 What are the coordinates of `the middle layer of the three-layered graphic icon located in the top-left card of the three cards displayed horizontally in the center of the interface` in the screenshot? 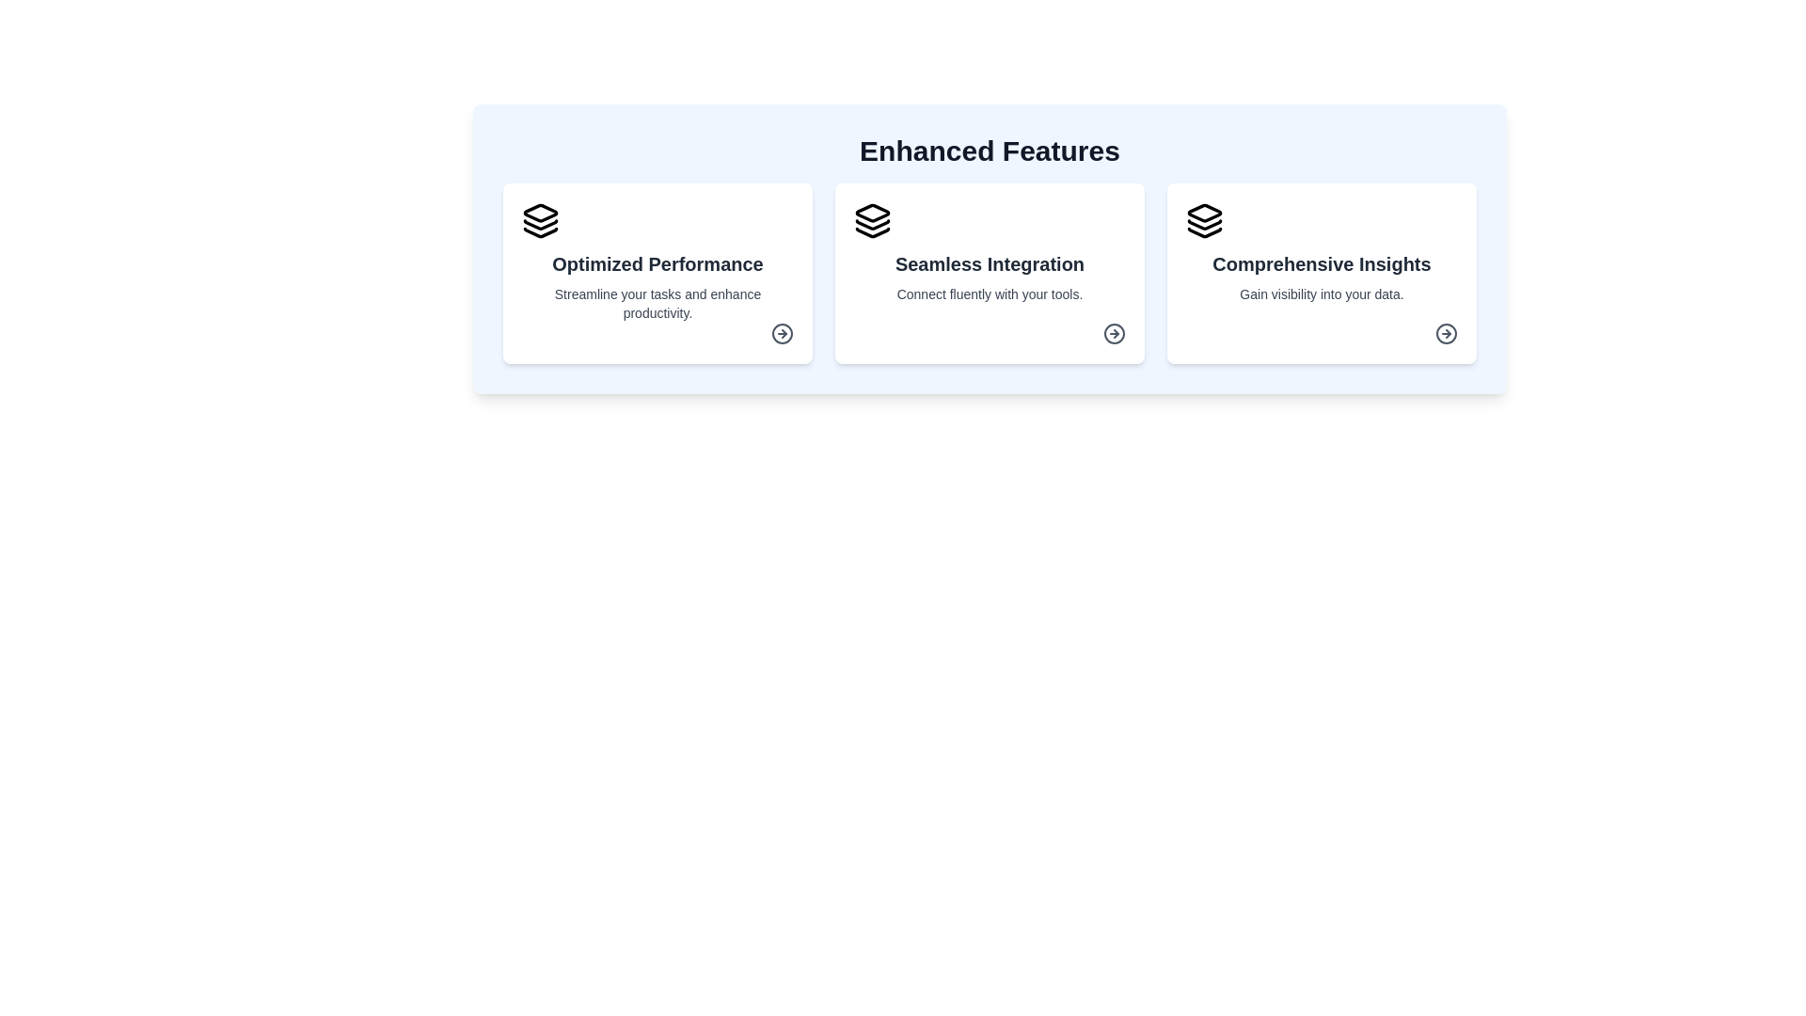 It's located at (540, 224).